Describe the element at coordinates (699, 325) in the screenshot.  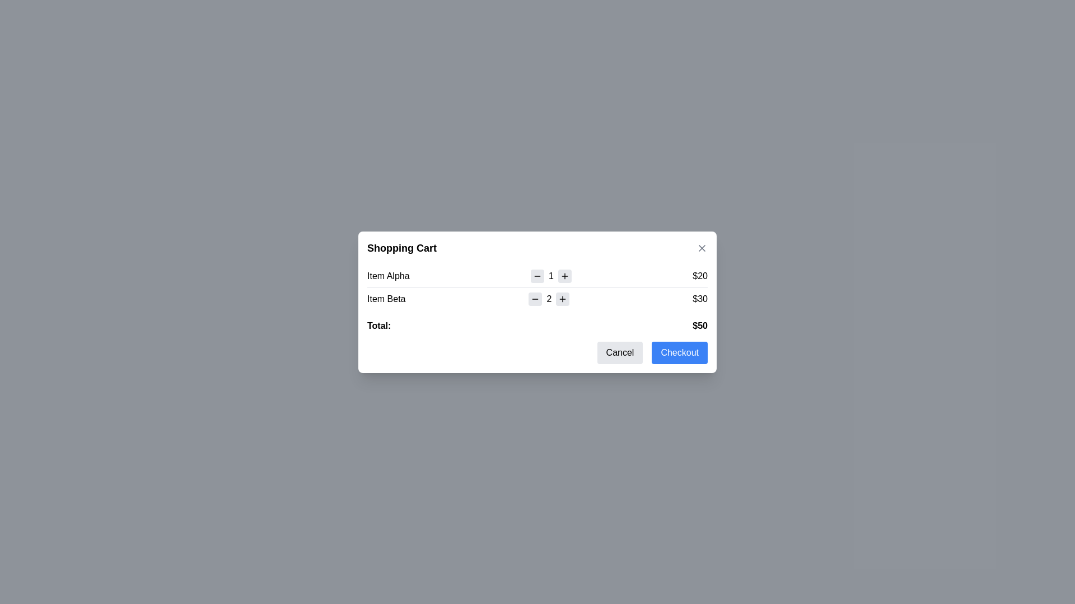
I see `the bold text label displaying '$50' in the 'Total:' row of the shopping cart interface` at that location.